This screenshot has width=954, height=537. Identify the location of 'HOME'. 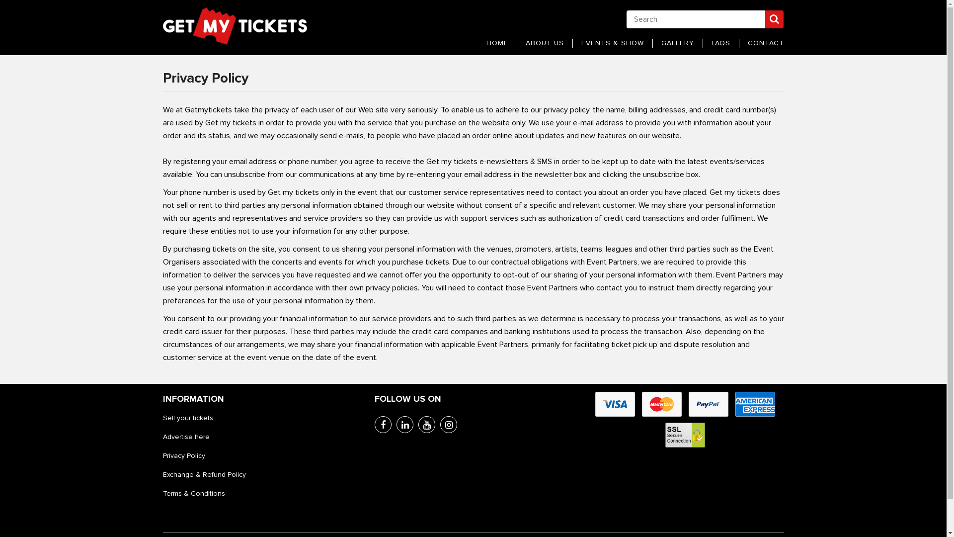
(486, 43).